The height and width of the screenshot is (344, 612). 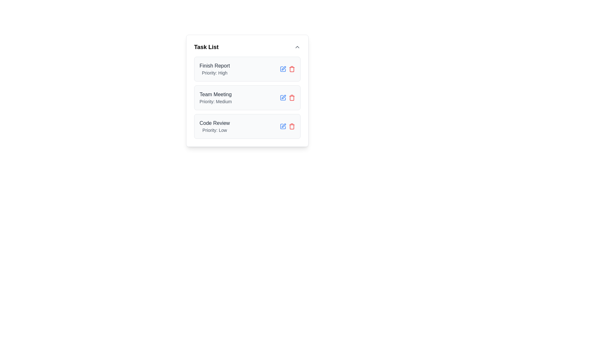 I want to click on the text label that reads 'Priority: Low', styled in a smaller gray font, located beneath the 'Code Review' heading within a task card, so click(x=215, y=130).